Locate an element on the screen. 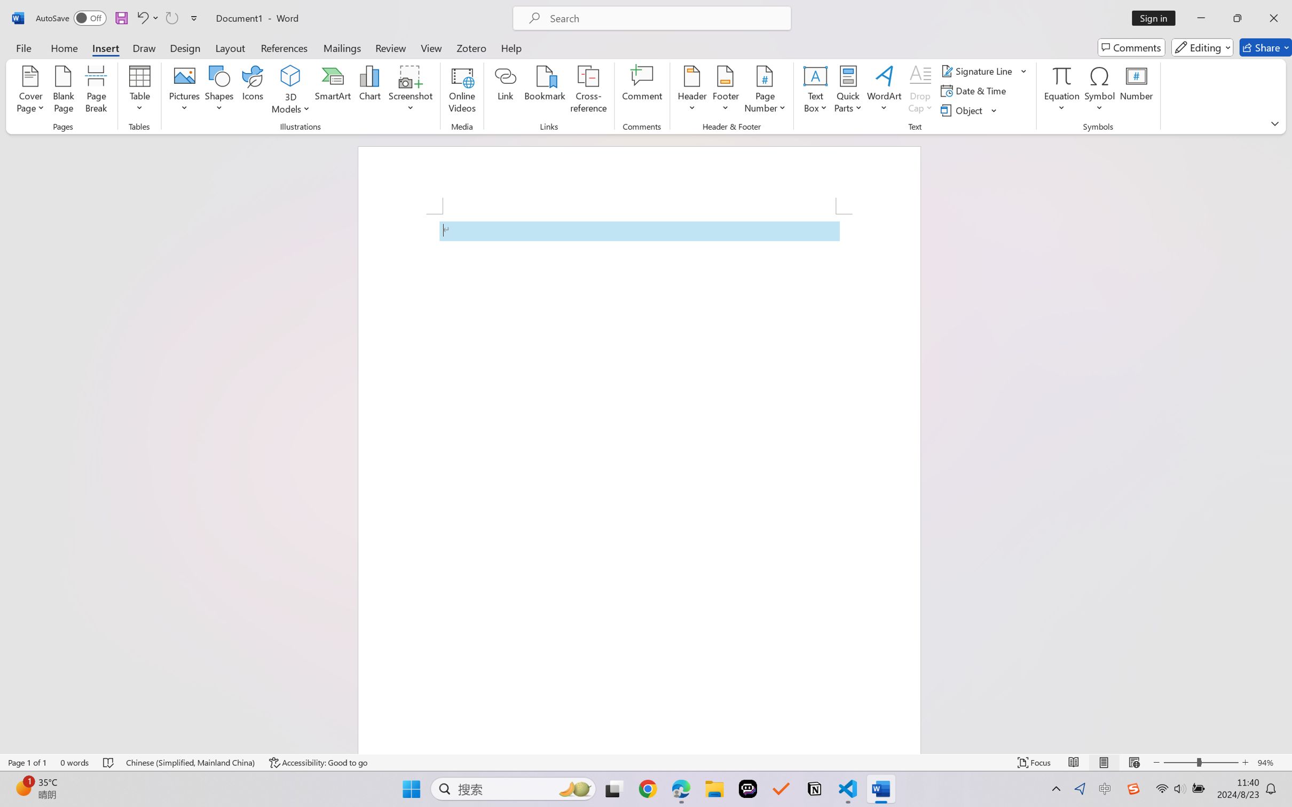  'Quick Parts' is located at coordinates (848, 91).